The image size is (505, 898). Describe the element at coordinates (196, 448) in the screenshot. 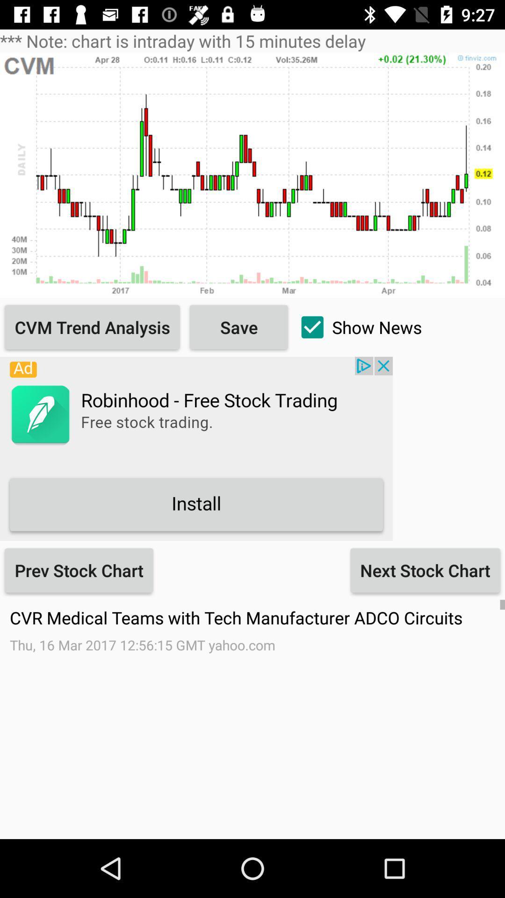

I see `advertisement` at that location.